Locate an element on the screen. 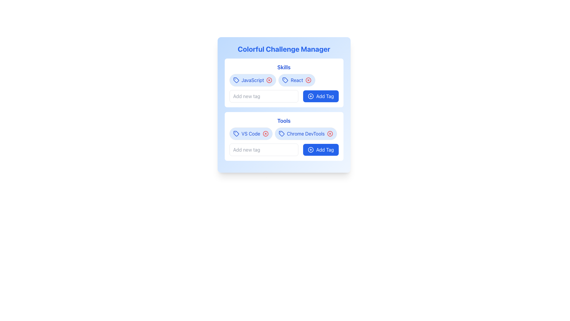 The height and width of the screenshot is (321, 570). the Circle SVG element that is part of the 'Add Tag' button in the 'Skills' section of the interface is located at coordinates (311, 96).